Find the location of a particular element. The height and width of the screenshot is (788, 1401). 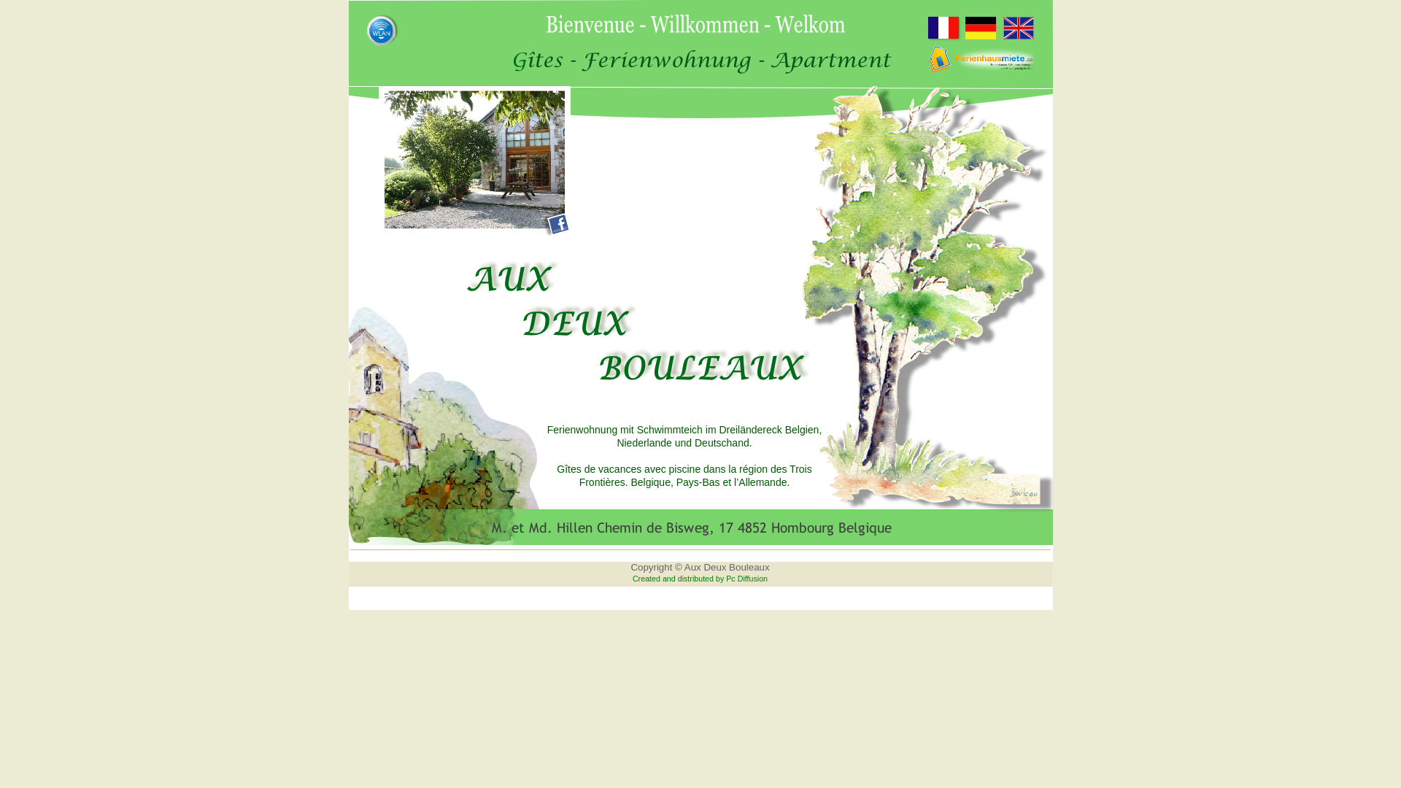

'Created and distributed by Pc Diffusion' is located at coordinates (699, 578).